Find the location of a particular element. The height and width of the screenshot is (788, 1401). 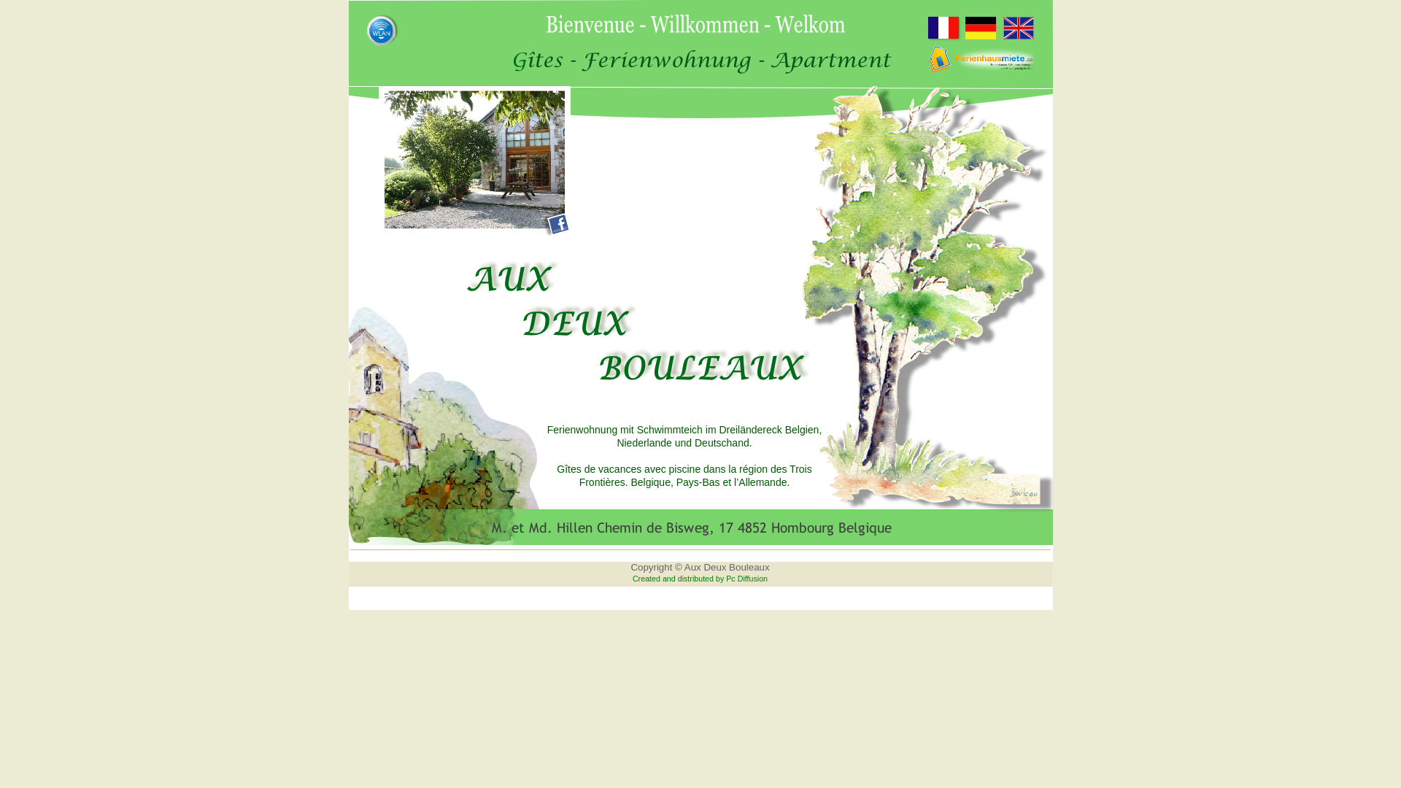

'Created and distributed by Pc Diffusion' is located at coordinates (699, 578).